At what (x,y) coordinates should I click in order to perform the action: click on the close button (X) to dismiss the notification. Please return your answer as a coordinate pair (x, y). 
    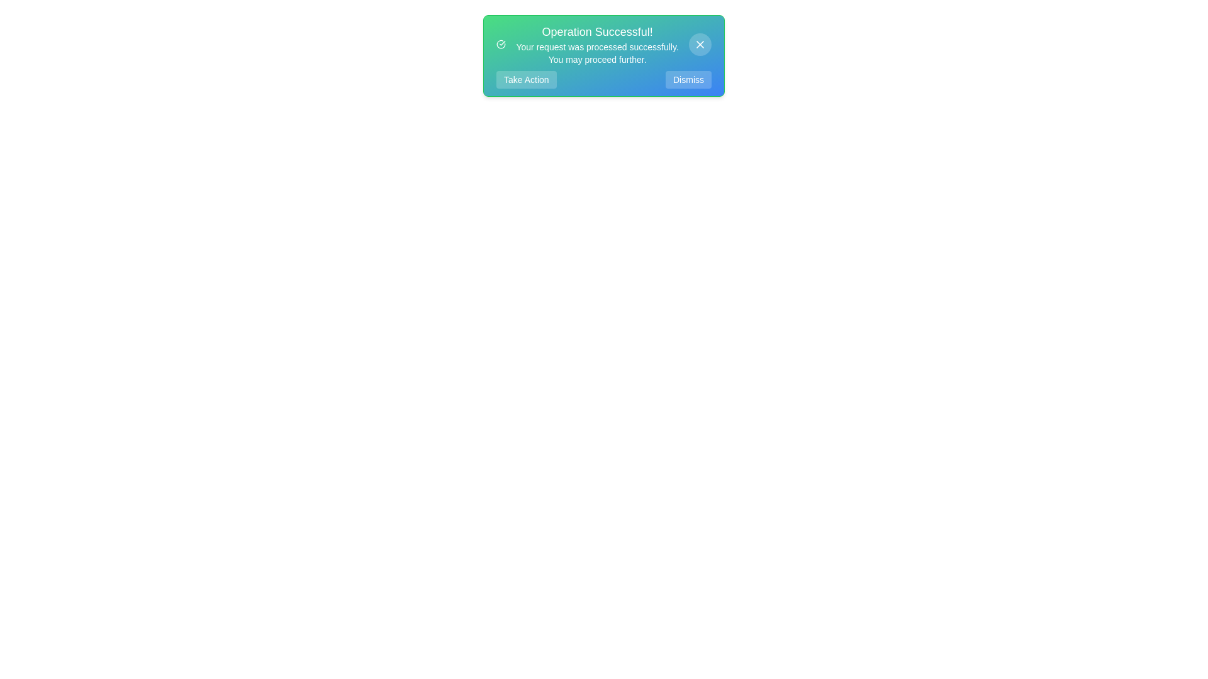
    Looking at the image, I should click on (700, 43).